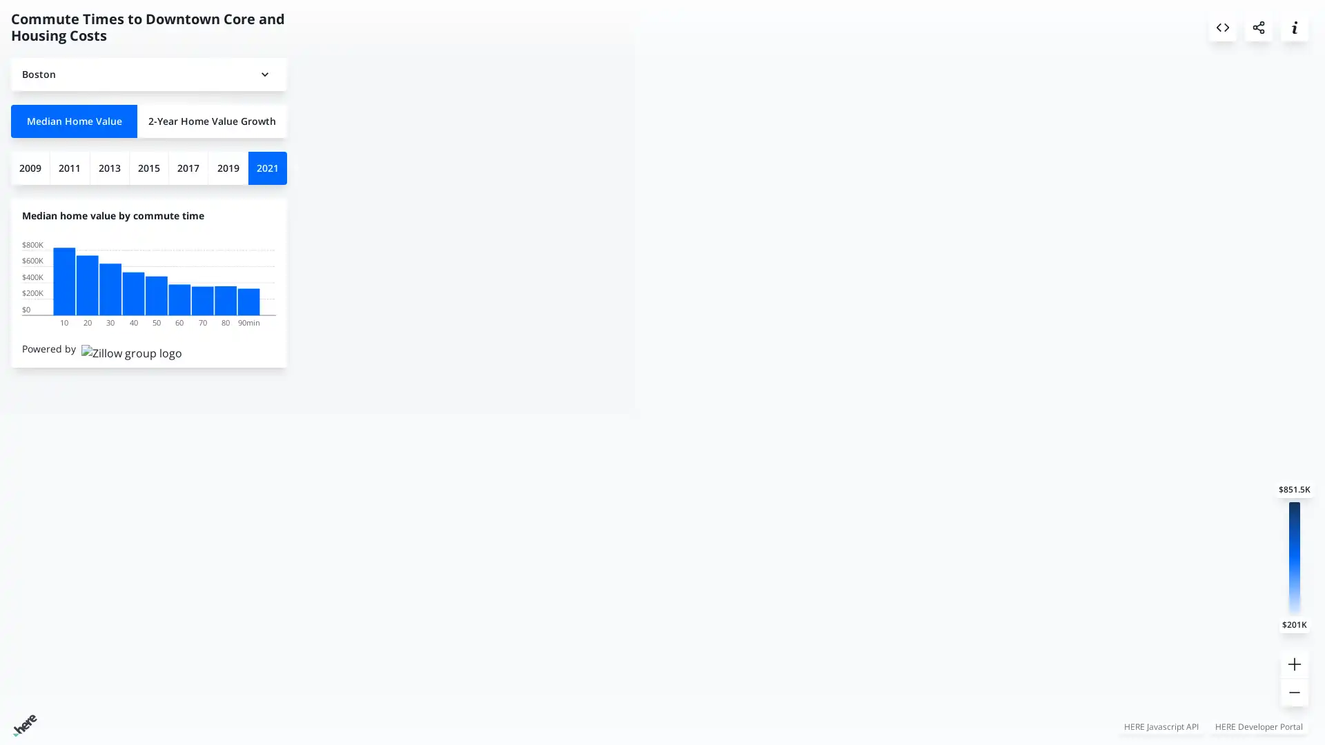 This screenshot has height=745, width=1325. Describe the element at coordinates (1294, 664) in the screenshot. I see `Zoom in` at that location.